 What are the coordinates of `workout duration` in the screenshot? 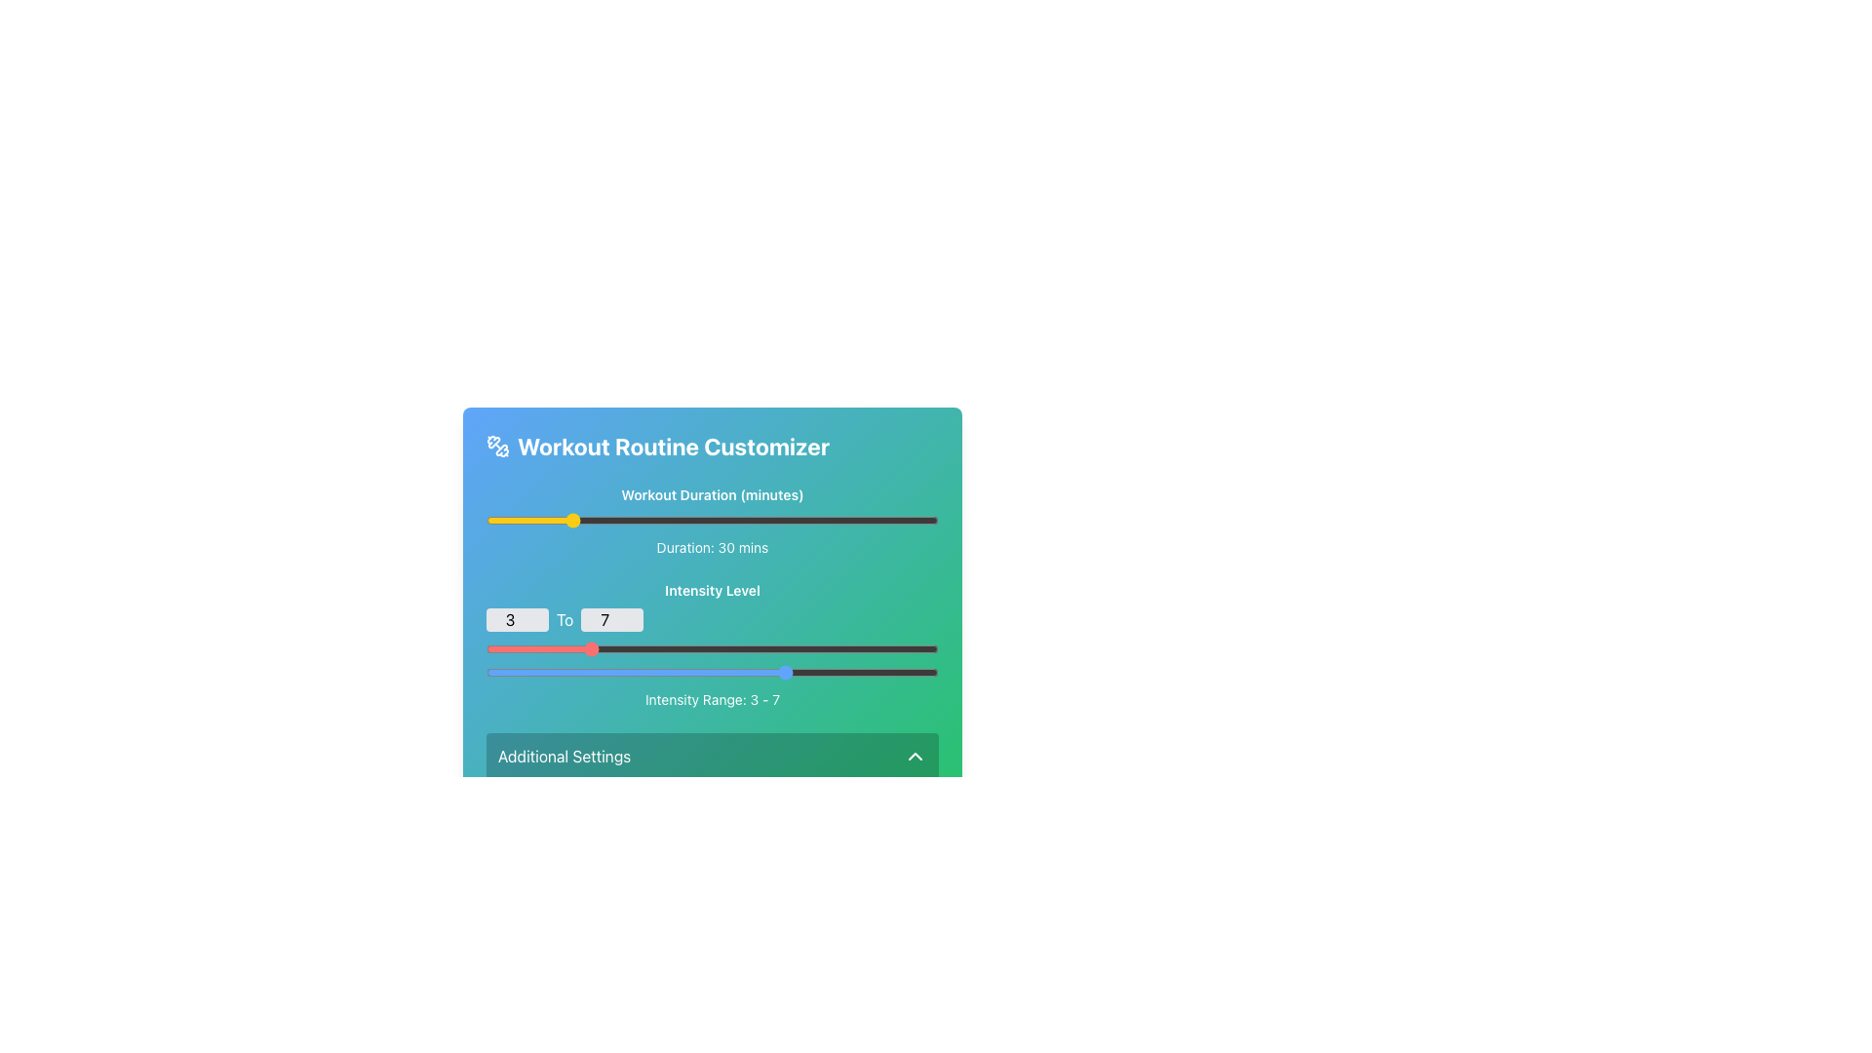 It's located at (802, 519).